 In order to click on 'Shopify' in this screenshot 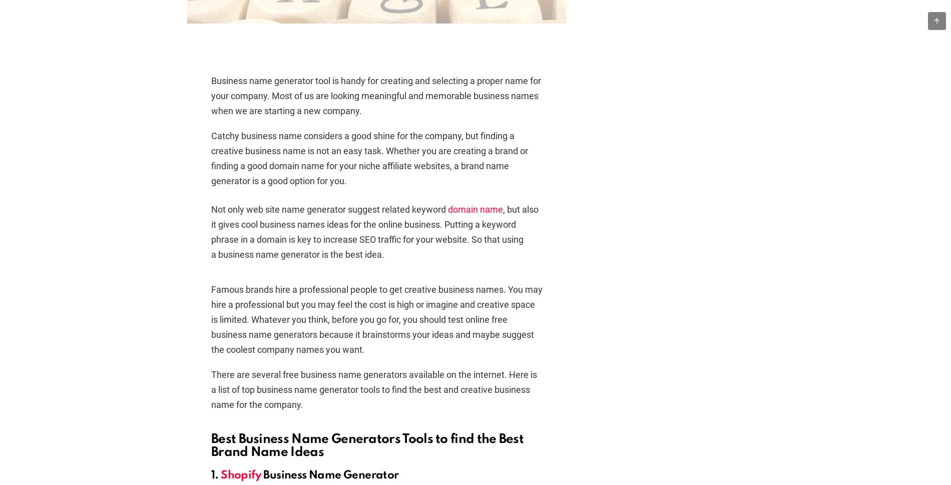, I will do `click(220, 474)`.